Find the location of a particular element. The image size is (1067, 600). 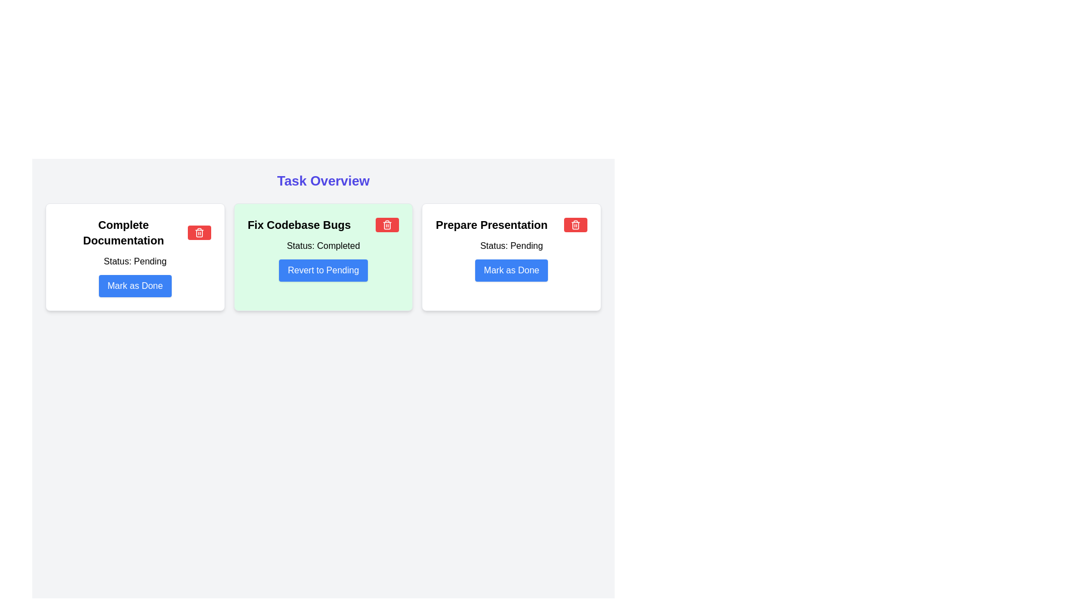

the red trash icon located at the top-right corner of the 'Fix Codebase Bugs' card is located at coordinates (322, 257).